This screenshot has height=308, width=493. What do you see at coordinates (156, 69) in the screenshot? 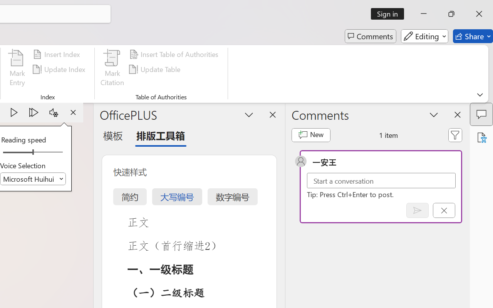
I see `'Update Table'` at bounding box center [156, 69].